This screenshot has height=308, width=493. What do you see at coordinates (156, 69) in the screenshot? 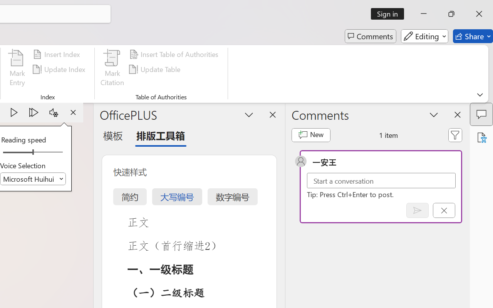
I see `'Update Table'` at bounding box center [156, 69].